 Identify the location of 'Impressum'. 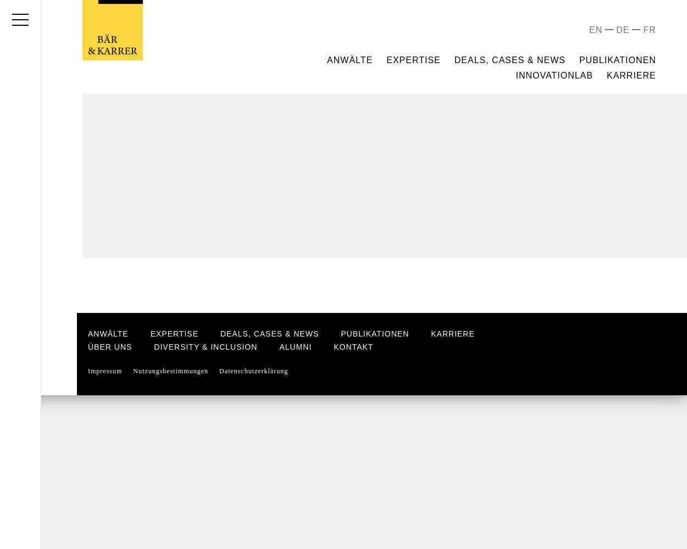
(104, 371).